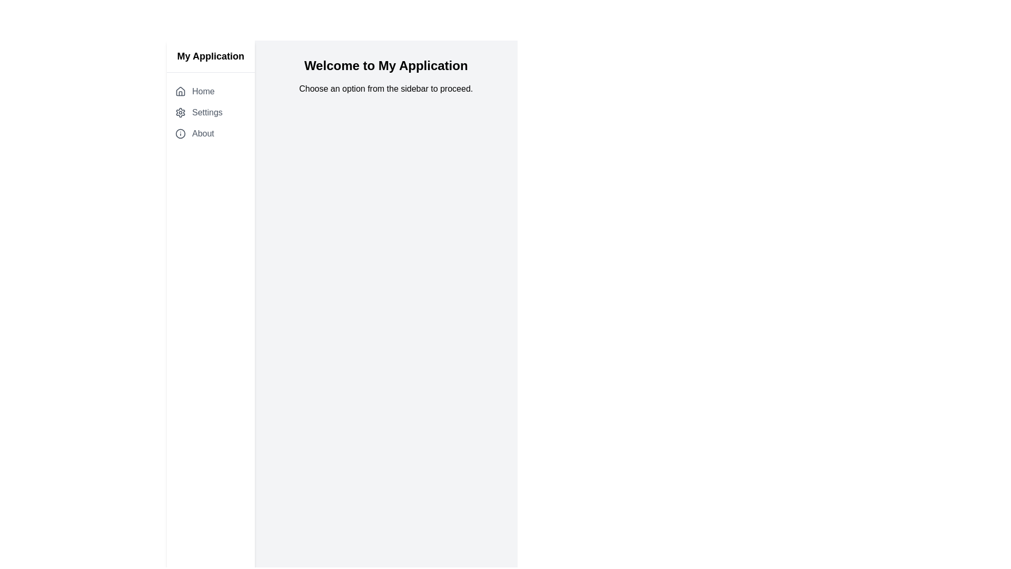  Describe the element at coordinates (210, 112) in the screenshot. I see `the second item in the vertical navigation menu, which serves as a hyperlink to the application's settings section` at that location.